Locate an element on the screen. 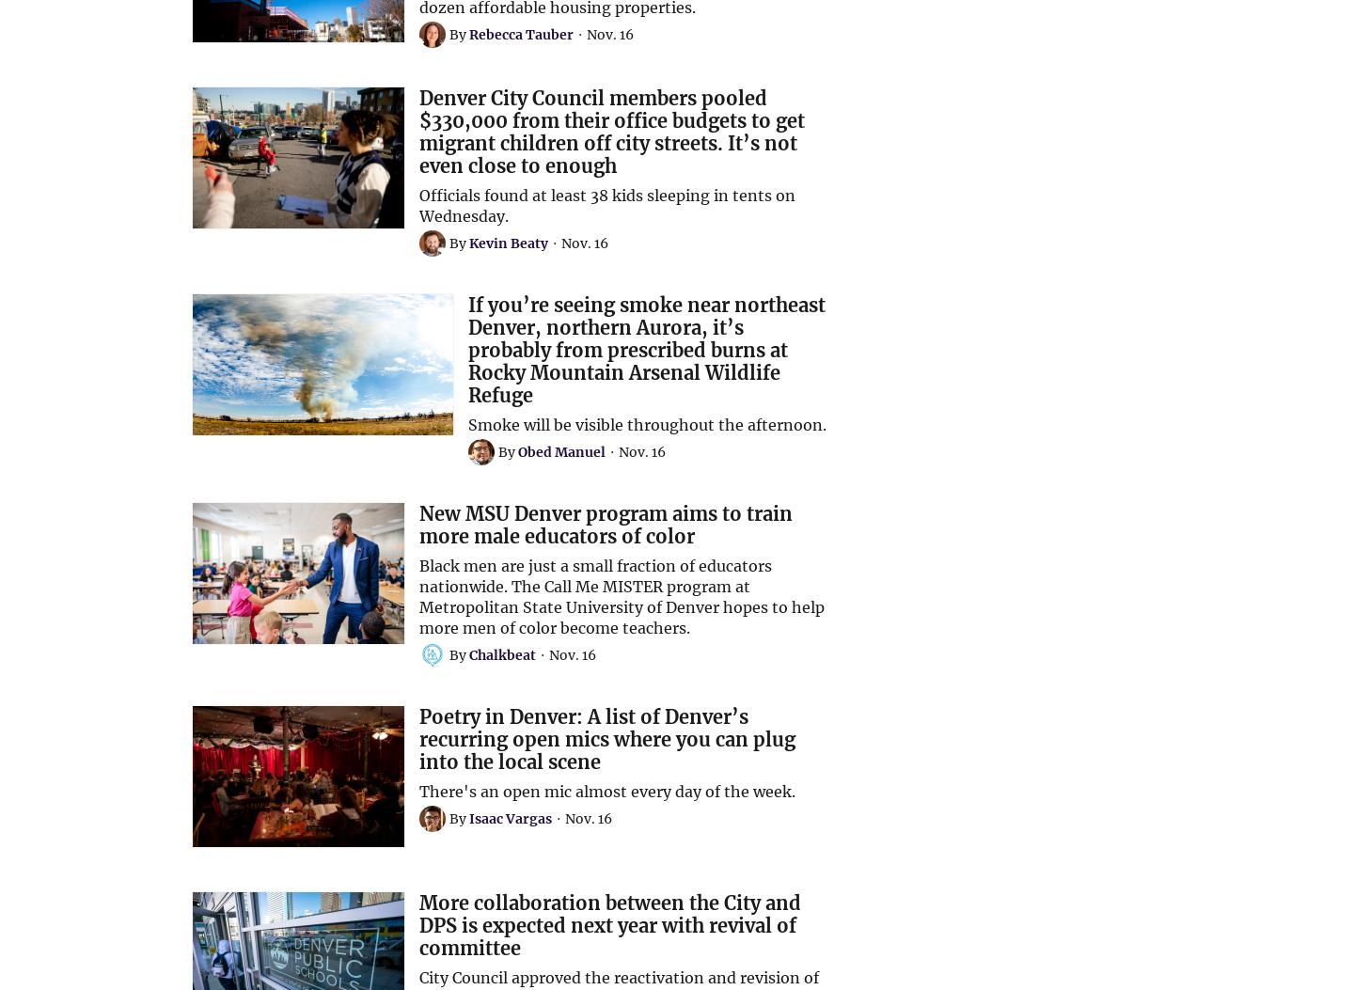 This screenshot has height=990, width=1354. 'Obed Manuel' is located at coordinates (561, 452).